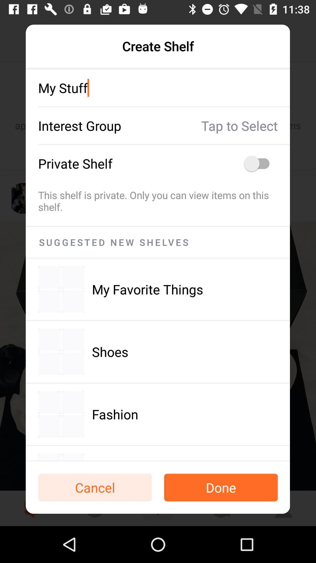 The width and height of the screenshot is (316, 563). What do you see at coordinates (259, 163) in the screenshot?
I see `enable private` at bounding box center [259, 163].